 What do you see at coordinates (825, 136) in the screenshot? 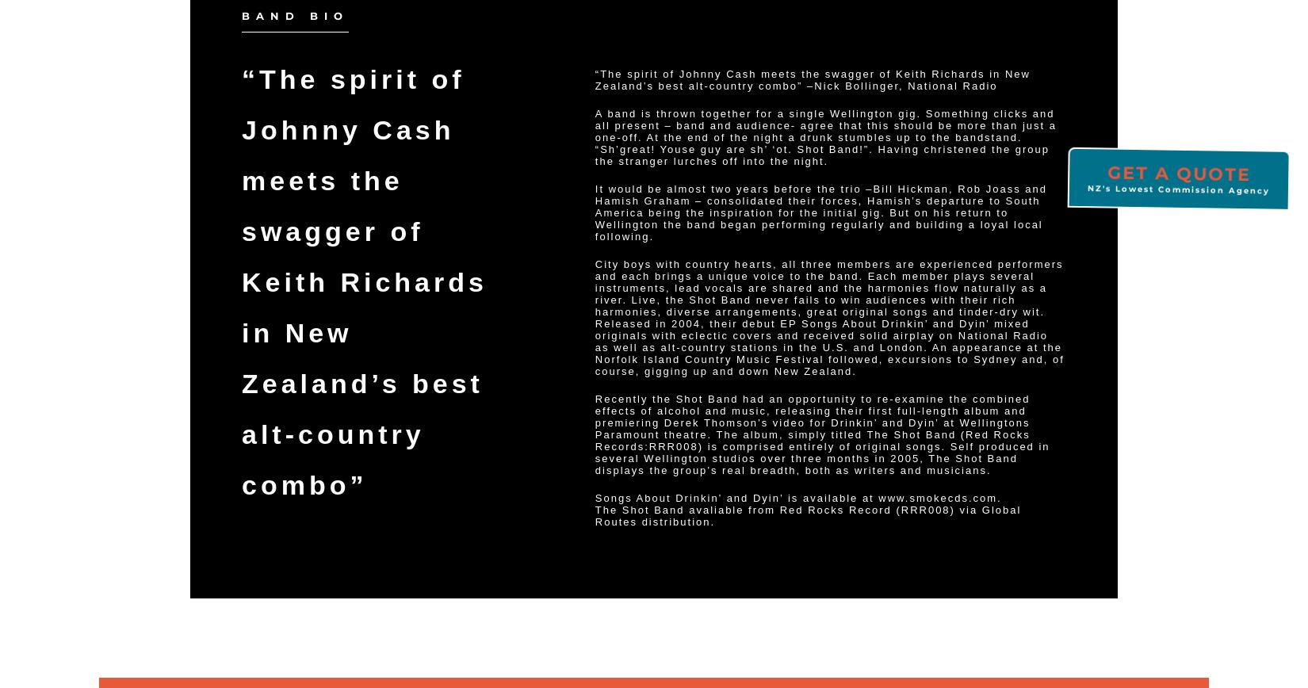
I see `'A band is thrown together for a single Wellington gig. Something clicks and all present – band and audience- agree that this should be more than just a one-off. At the end of the night a drunk stumbles up to the bandstand. “Sh’great! Youse guy are sh’ ‘ot. Shot Band!”. Having christened the group the stranger lurches off into the night.'` at bounding box center [825, 136].